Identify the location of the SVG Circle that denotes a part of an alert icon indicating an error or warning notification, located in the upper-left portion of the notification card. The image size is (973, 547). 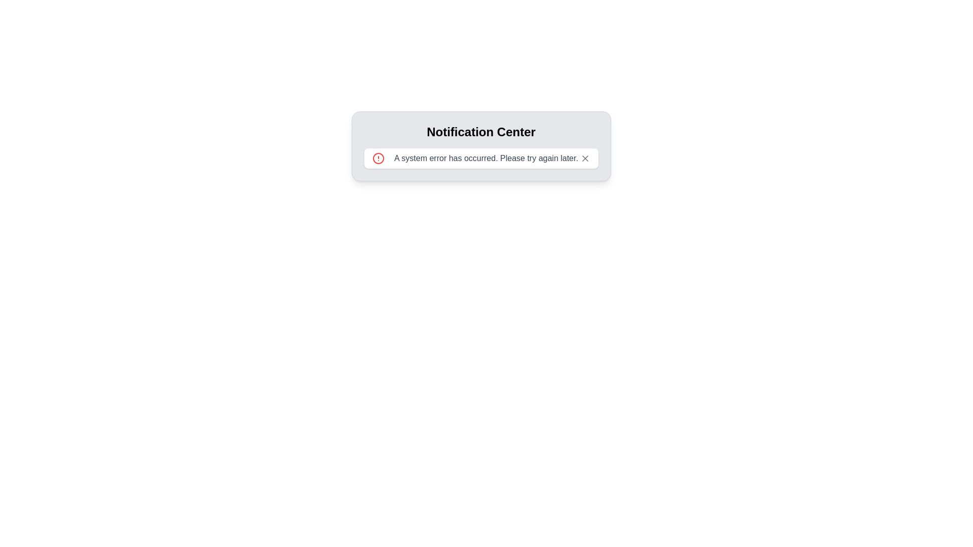
(378, 158).